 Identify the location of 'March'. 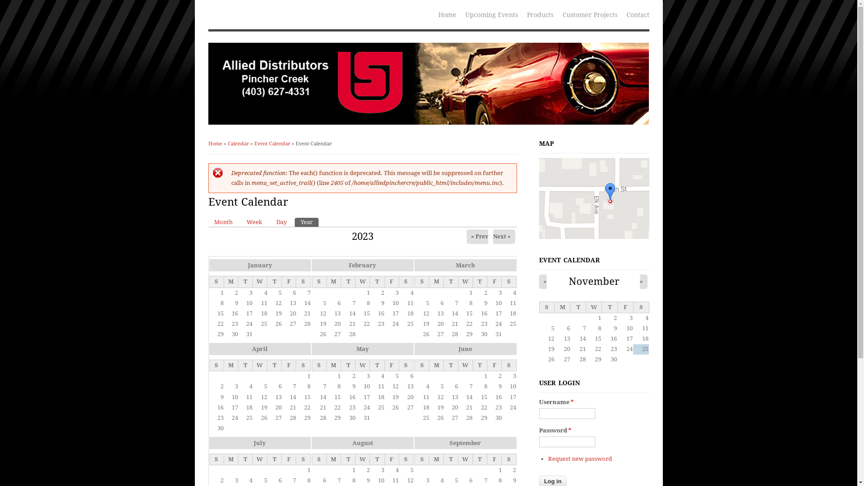
(455, 265).